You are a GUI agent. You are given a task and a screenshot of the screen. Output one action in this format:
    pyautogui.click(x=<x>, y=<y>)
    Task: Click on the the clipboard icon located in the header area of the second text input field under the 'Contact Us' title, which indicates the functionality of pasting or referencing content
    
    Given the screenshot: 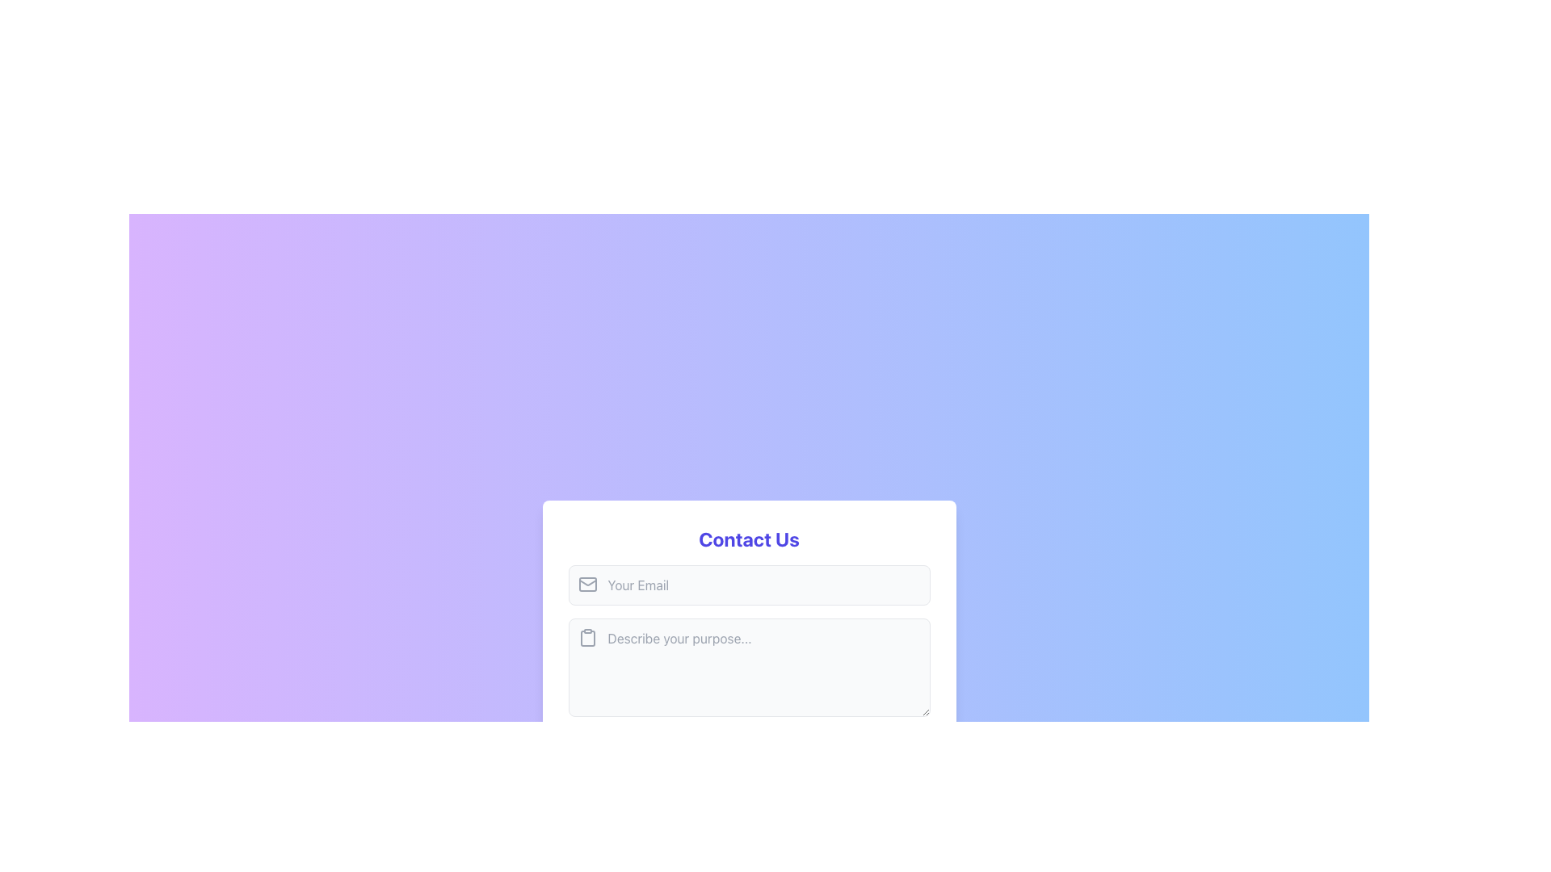 What is the action you would take?
    pyautogui.click(x=586, y=637)
    